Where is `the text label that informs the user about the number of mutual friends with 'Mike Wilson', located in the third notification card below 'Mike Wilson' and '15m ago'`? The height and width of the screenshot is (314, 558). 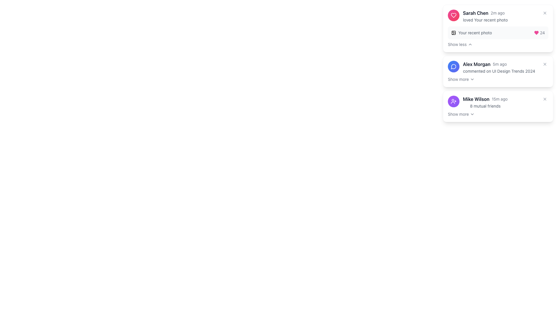 the text label that informs the user about the number of mutual friends with 'Mike Wilson', located in the third notification card below 'Mike Wilson' and '15m ago' is located at coordinates (485, 106).